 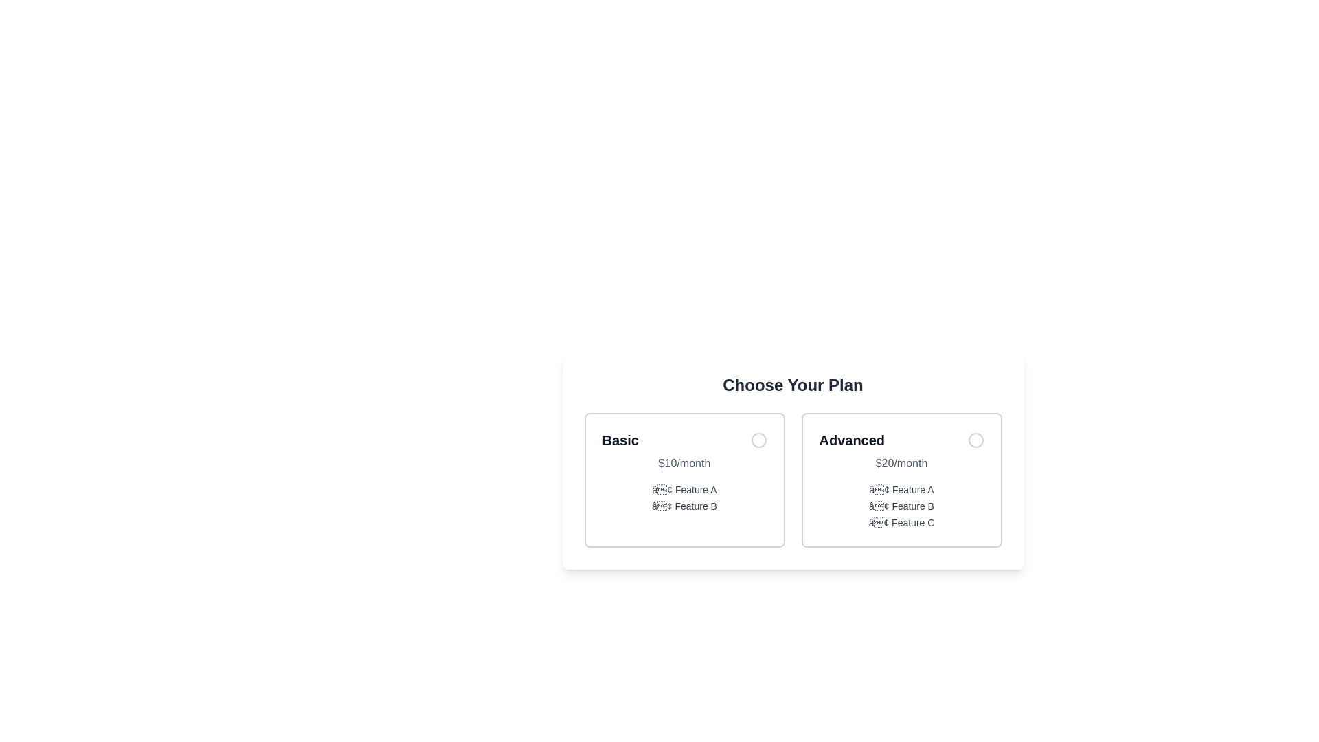 I want to click on the text element displaying '• Feature B', which is the second item in the vertical list of features under the 'Advanced' plan section, so click(x=901, y=506).